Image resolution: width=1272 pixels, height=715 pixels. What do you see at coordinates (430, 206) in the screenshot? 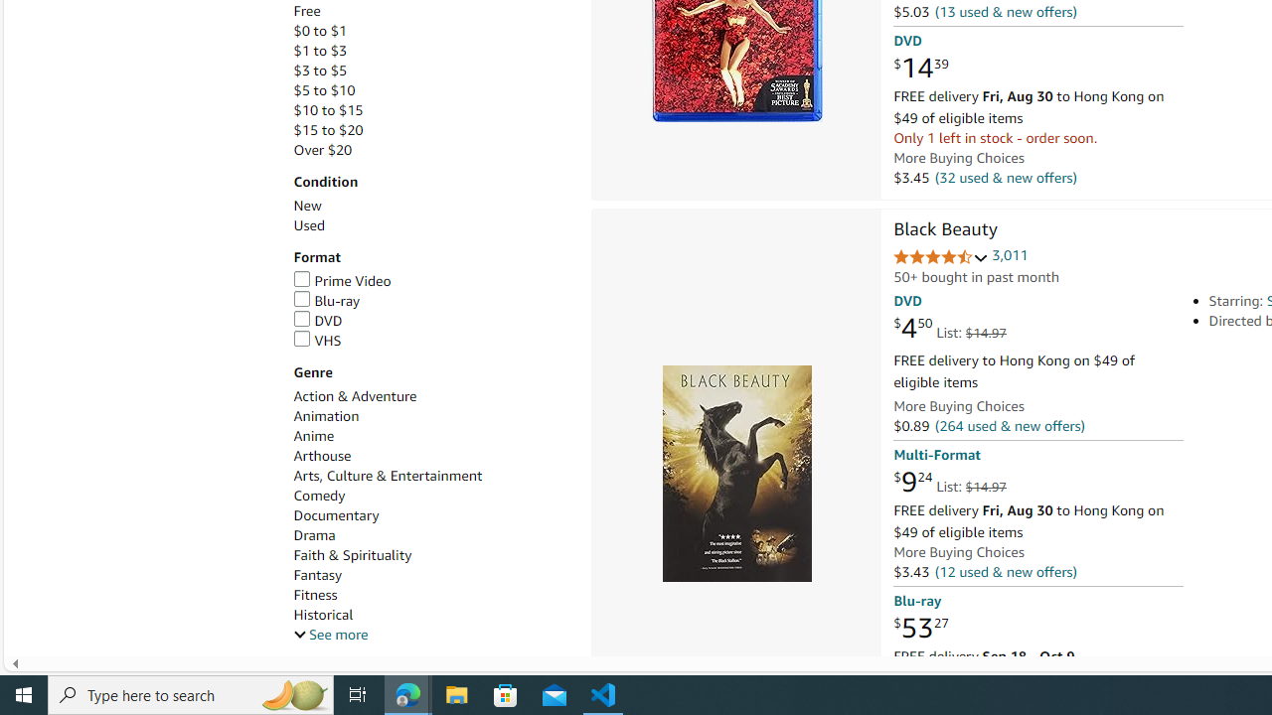
I see `'New'` at bounding box center [430, 206].